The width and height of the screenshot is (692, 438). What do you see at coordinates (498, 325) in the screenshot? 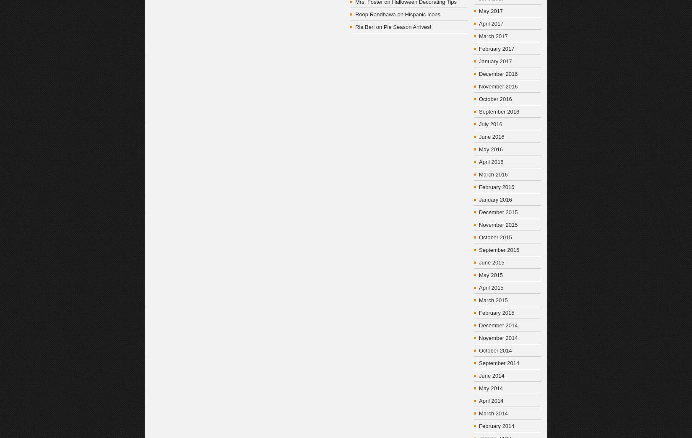
I see `'December 2014'` at bounding box center [498, 325].